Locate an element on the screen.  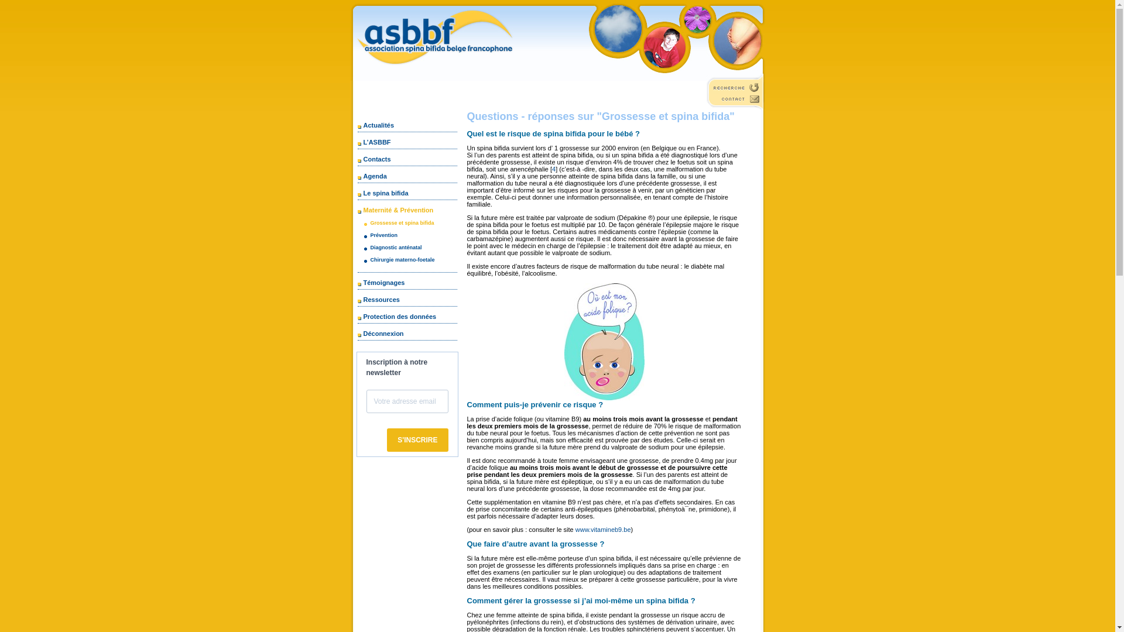
'Le spina bifida' is located at coordinates (383, 193).